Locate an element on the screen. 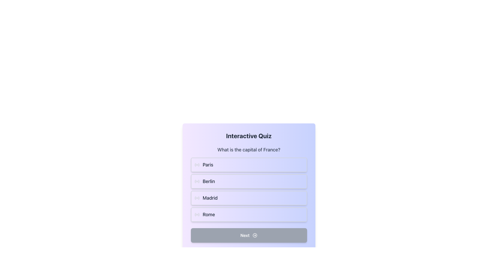 This screenshot has width=498, height=280. the 'Berlin' radio button is located at coordinates (197, 181).